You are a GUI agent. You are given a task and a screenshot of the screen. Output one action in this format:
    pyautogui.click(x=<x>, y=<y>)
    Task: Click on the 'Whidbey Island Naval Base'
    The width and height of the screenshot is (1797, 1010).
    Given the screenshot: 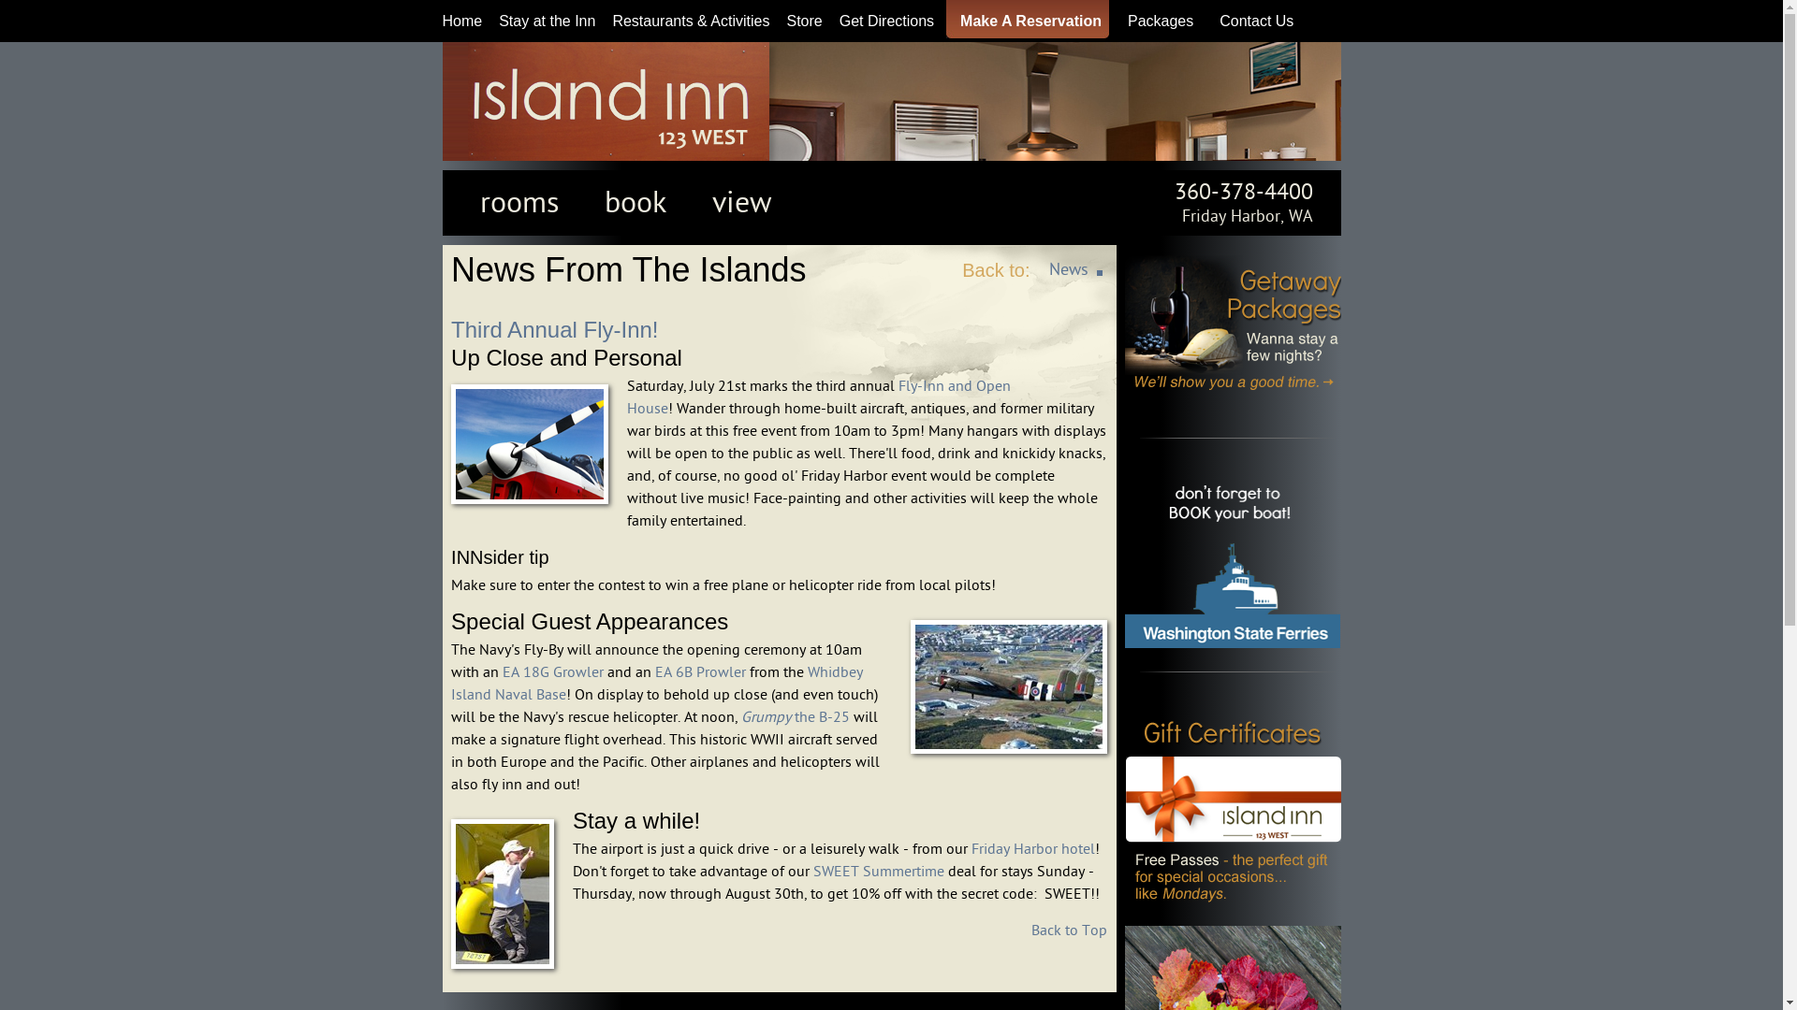 What is the action you would take?
    pyautogui.click(x=656, y=684)
    